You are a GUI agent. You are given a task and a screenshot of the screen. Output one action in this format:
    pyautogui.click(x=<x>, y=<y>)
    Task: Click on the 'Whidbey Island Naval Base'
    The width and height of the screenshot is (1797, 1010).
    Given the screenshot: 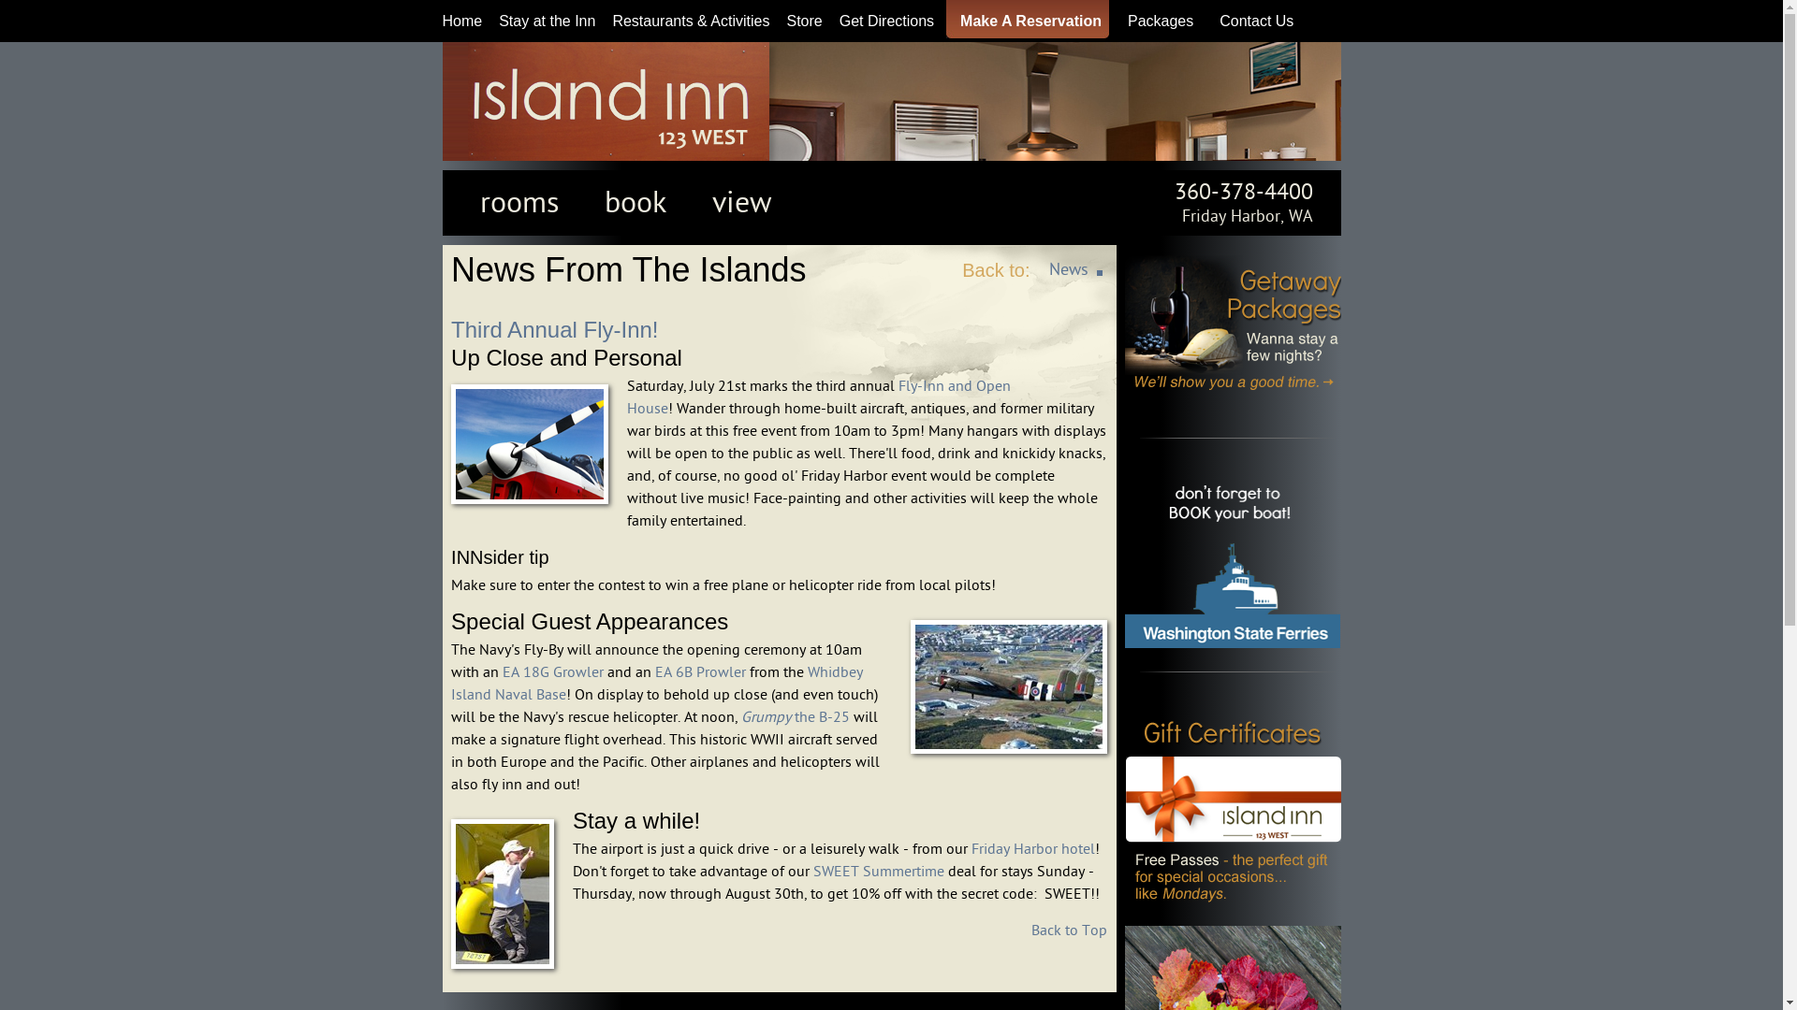 What is the action you would take?
    pyautogui.click(x=656, y=684)
    